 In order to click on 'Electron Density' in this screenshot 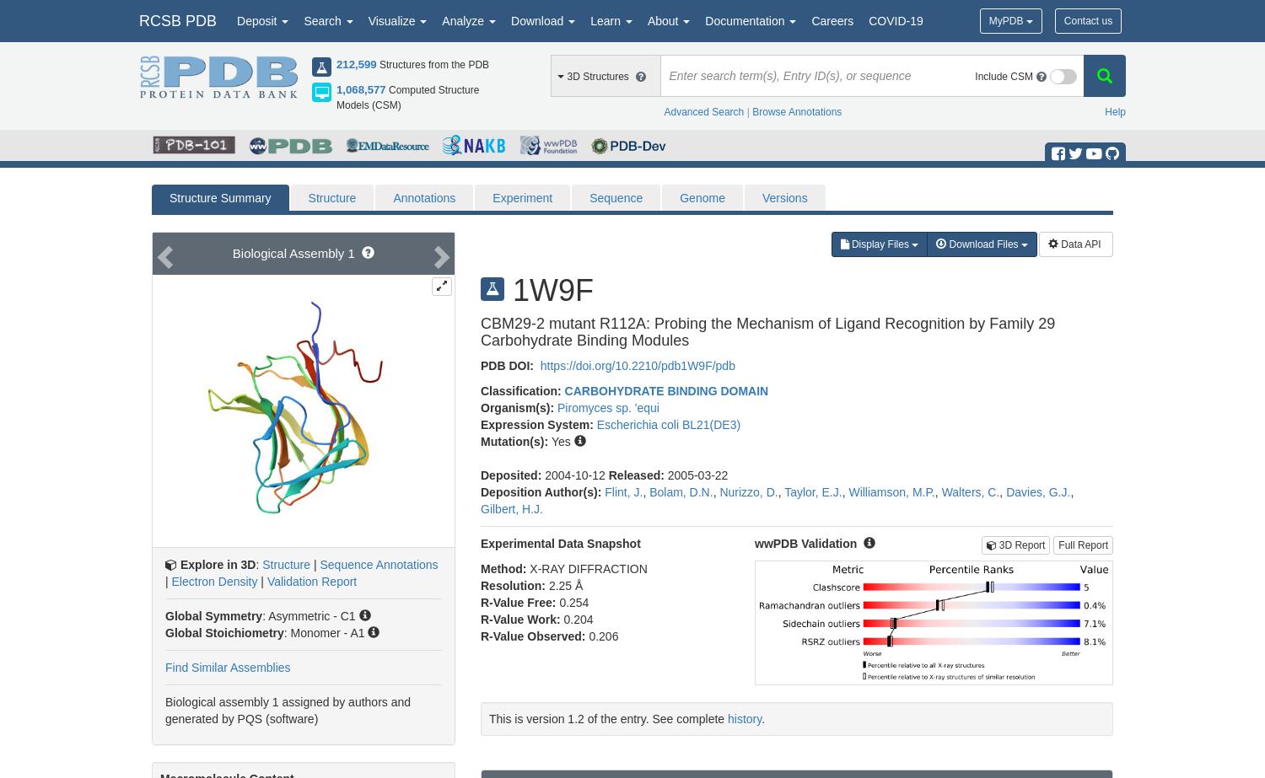, I will do `click(213, 581)`.